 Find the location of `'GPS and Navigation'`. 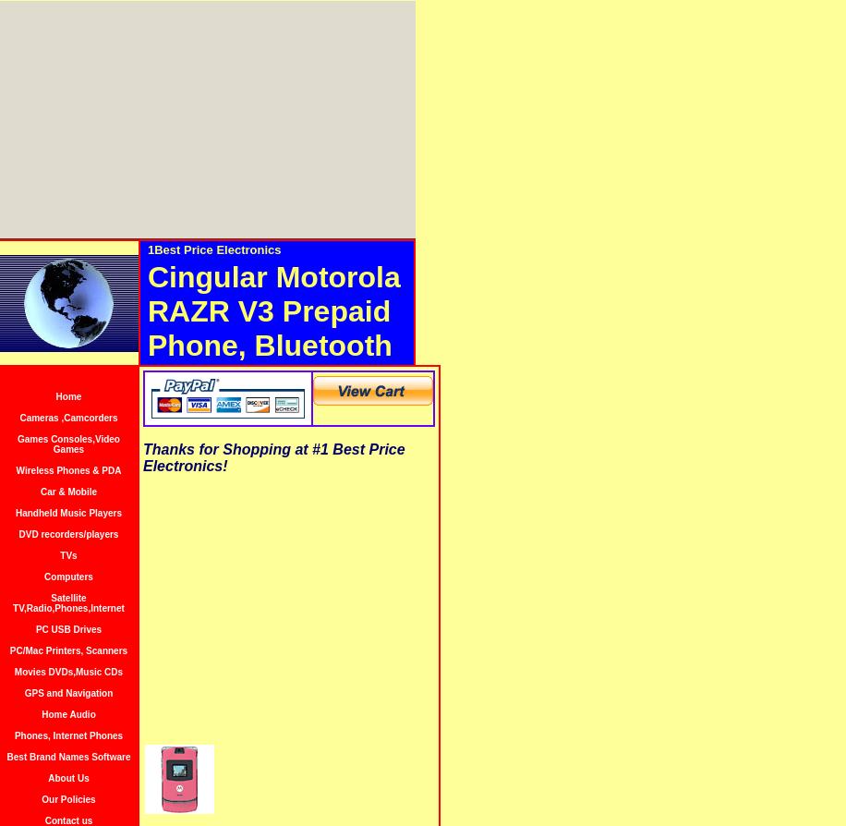

'GPS and Navigation' is located at coordinates (67, 692).